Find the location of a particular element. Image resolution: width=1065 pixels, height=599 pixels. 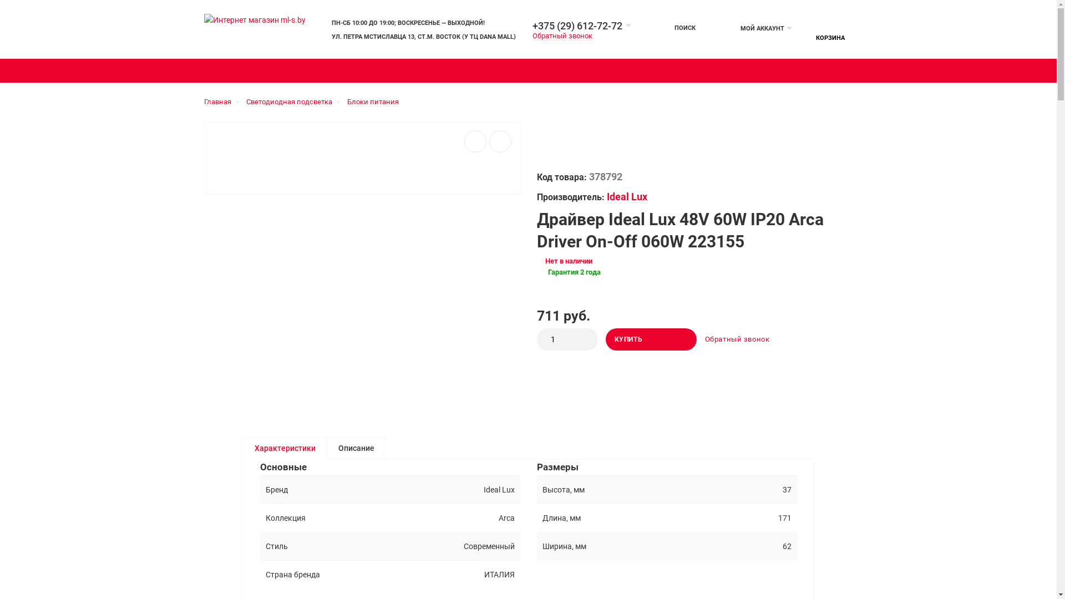

'Ideal Lux' is located at coordinates (627, 196).